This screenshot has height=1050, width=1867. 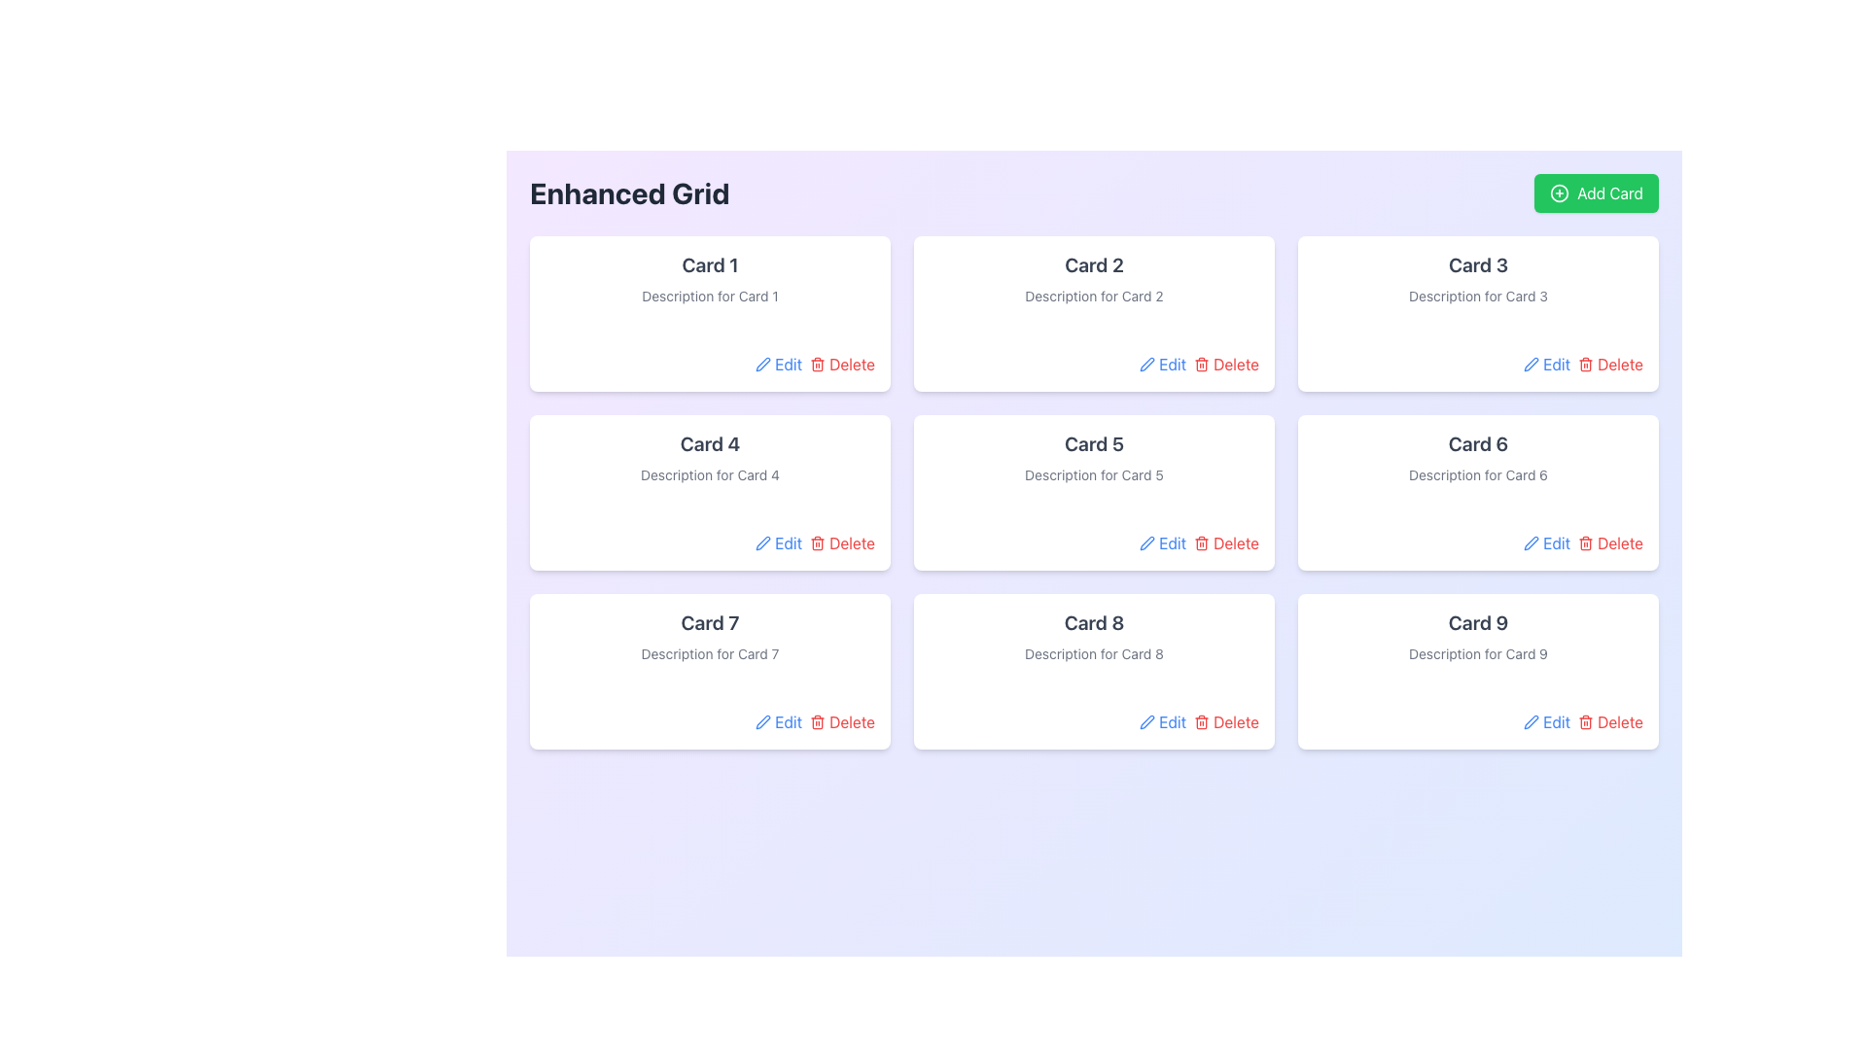 What do you see at coordinates (1531, 364) in the screenshot?
I see `the editing icon located to the left of the 'Edit' text in the bottom-right corner of 'Card 3'` at bounding box center [1531, 364].